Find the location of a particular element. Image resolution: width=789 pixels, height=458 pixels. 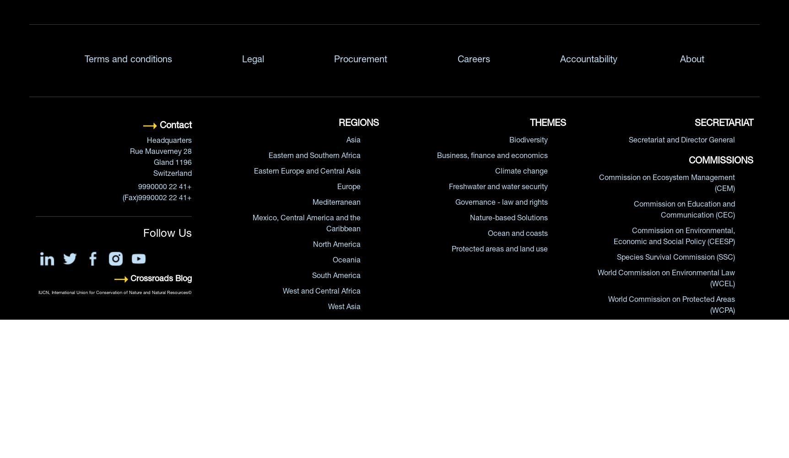

'Species Survival Commission (SSC)' is located at coordinates (675, 257).